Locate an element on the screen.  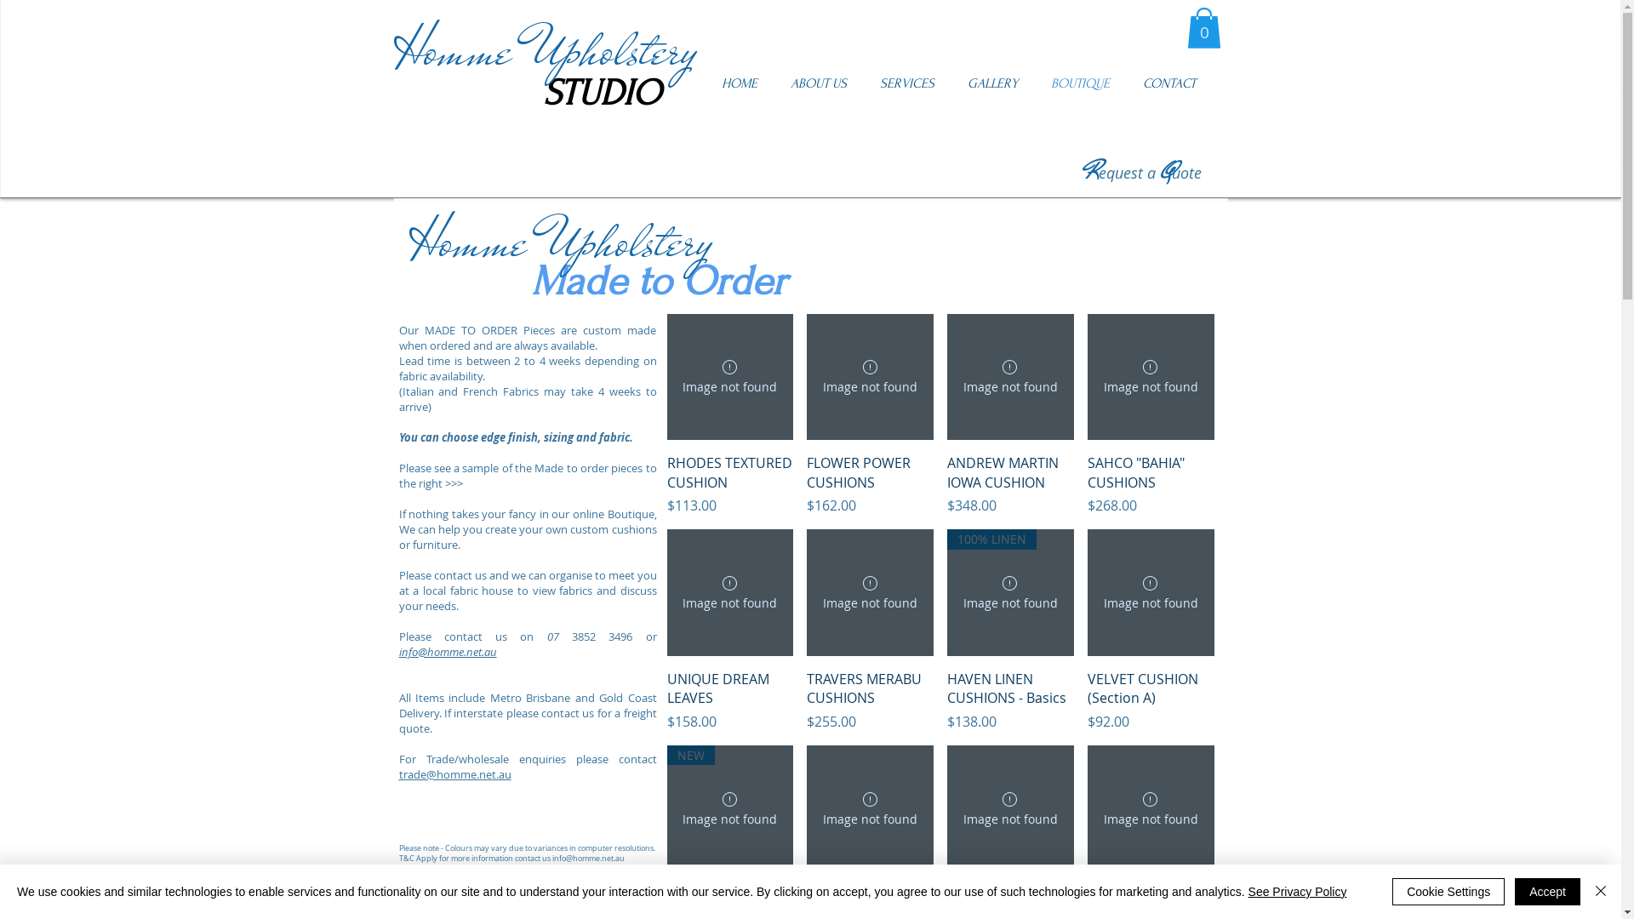
'RHODES TEXTURED CUSHION is located at coordinates (730, 376).